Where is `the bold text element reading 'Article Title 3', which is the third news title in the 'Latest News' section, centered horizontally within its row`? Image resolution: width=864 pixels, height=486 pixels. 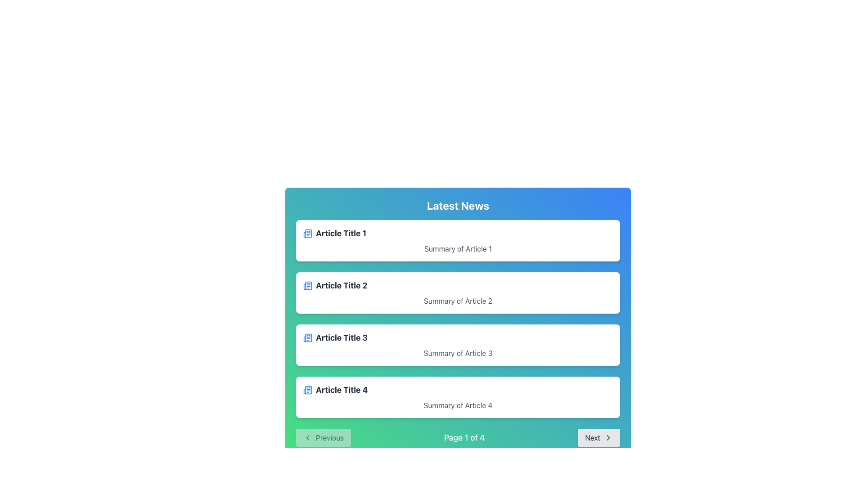
the bold text element reading 'Article Title 3', which is the third news title in the 'Latest News' section, centered horizontally within its row is located at coordinates (341, 338).